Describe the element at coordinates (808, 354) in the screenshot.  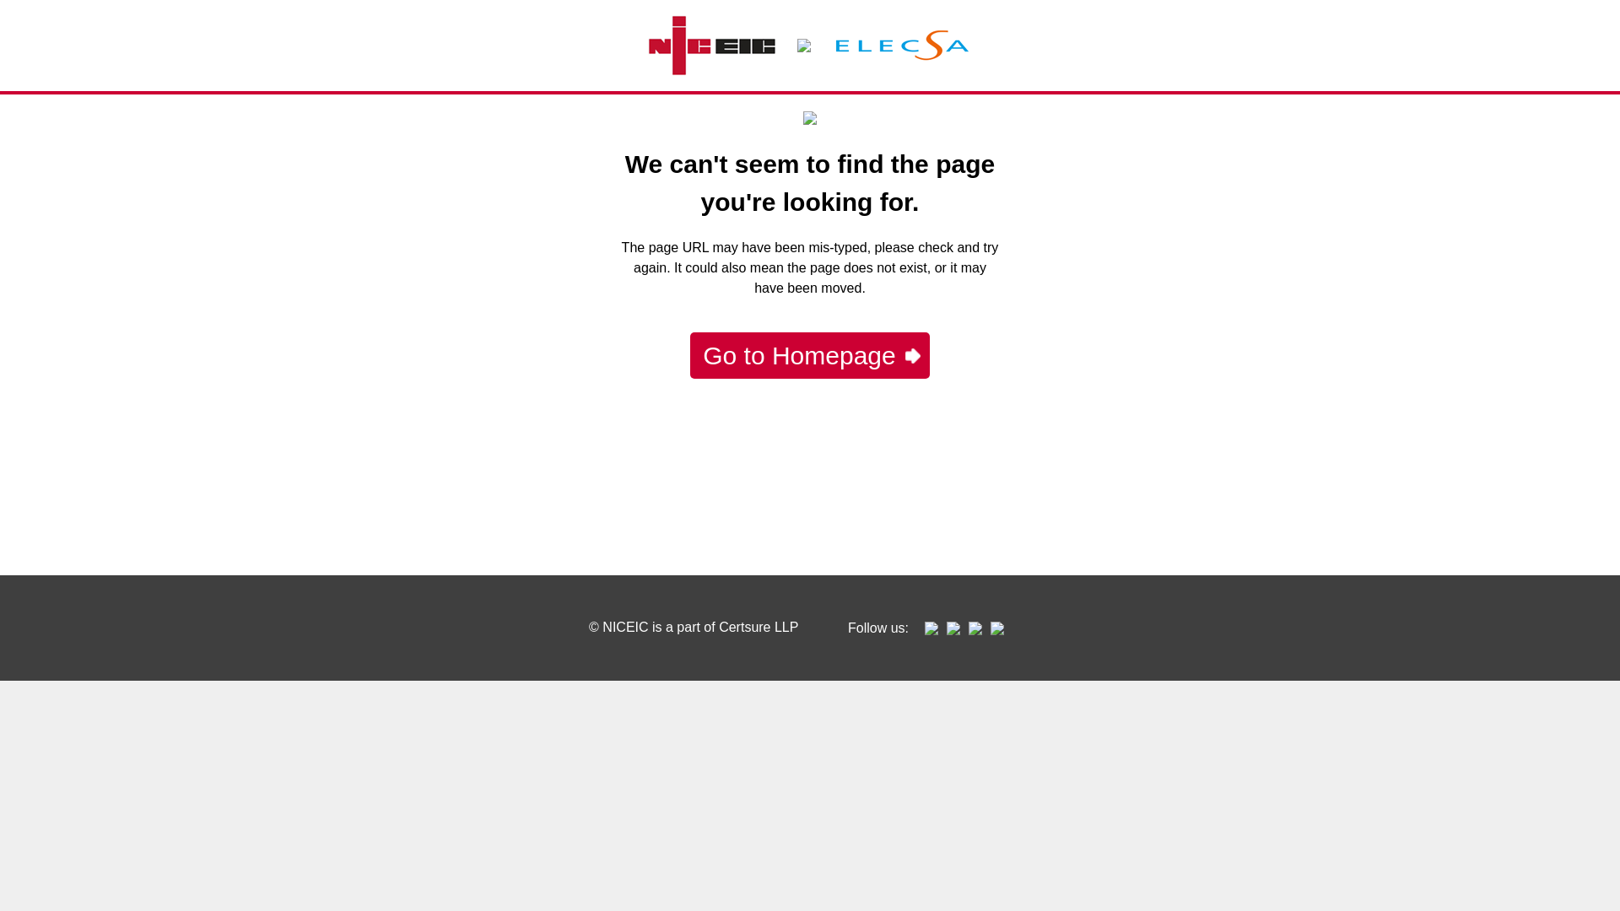
I see `'Go to Homepage'` at that location.